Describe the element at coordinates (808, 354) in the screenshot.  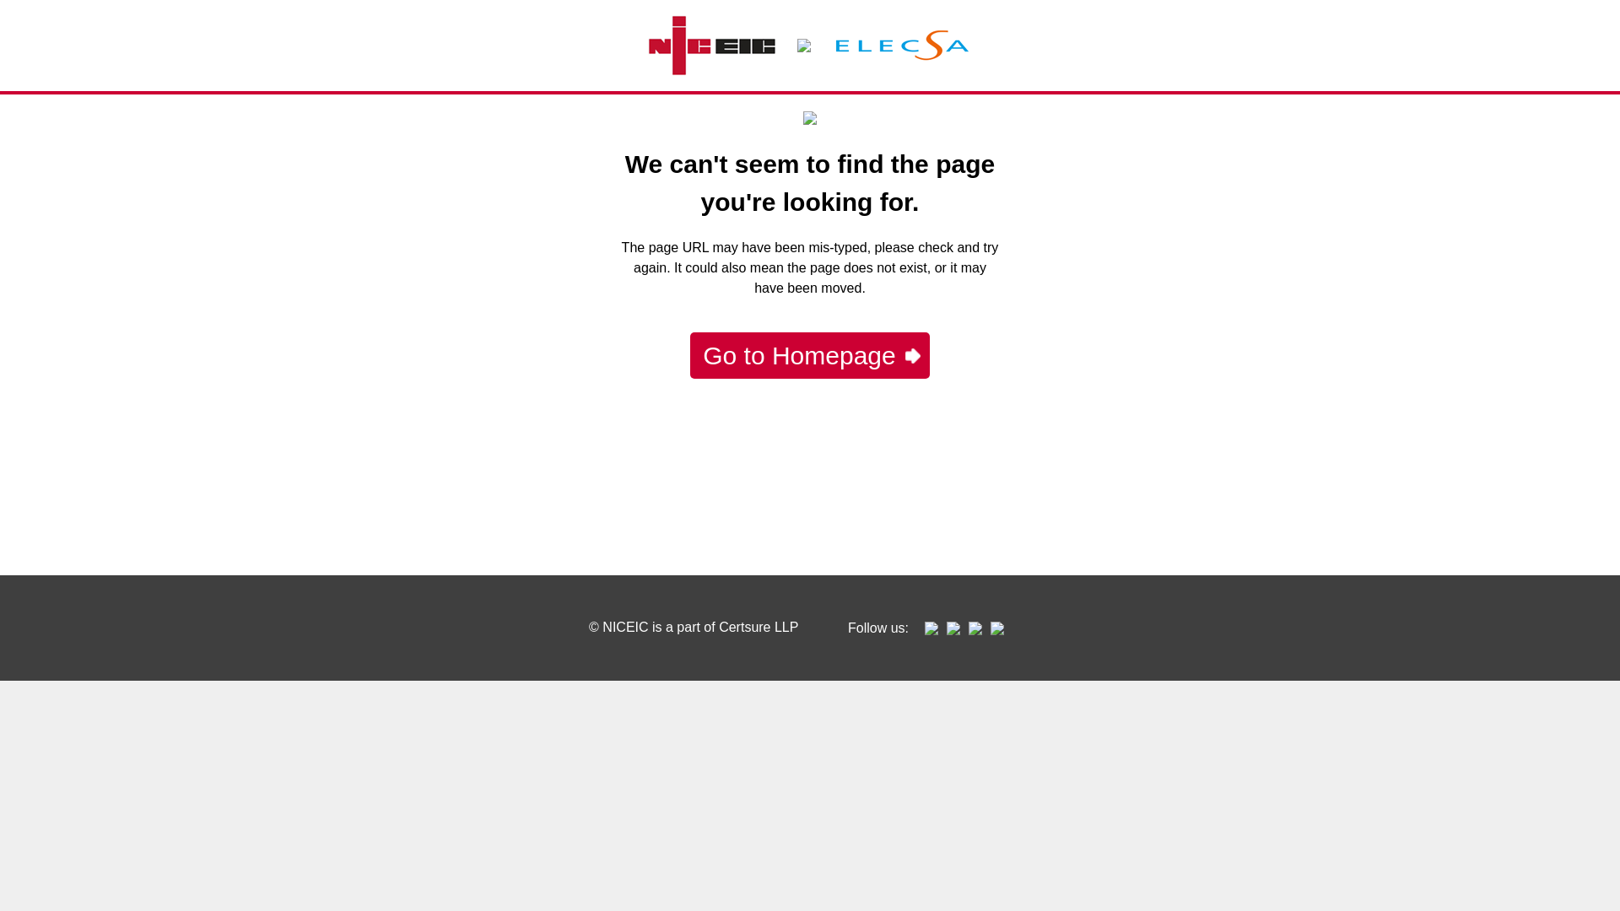
I see `'Go to Homepage'` at that location.